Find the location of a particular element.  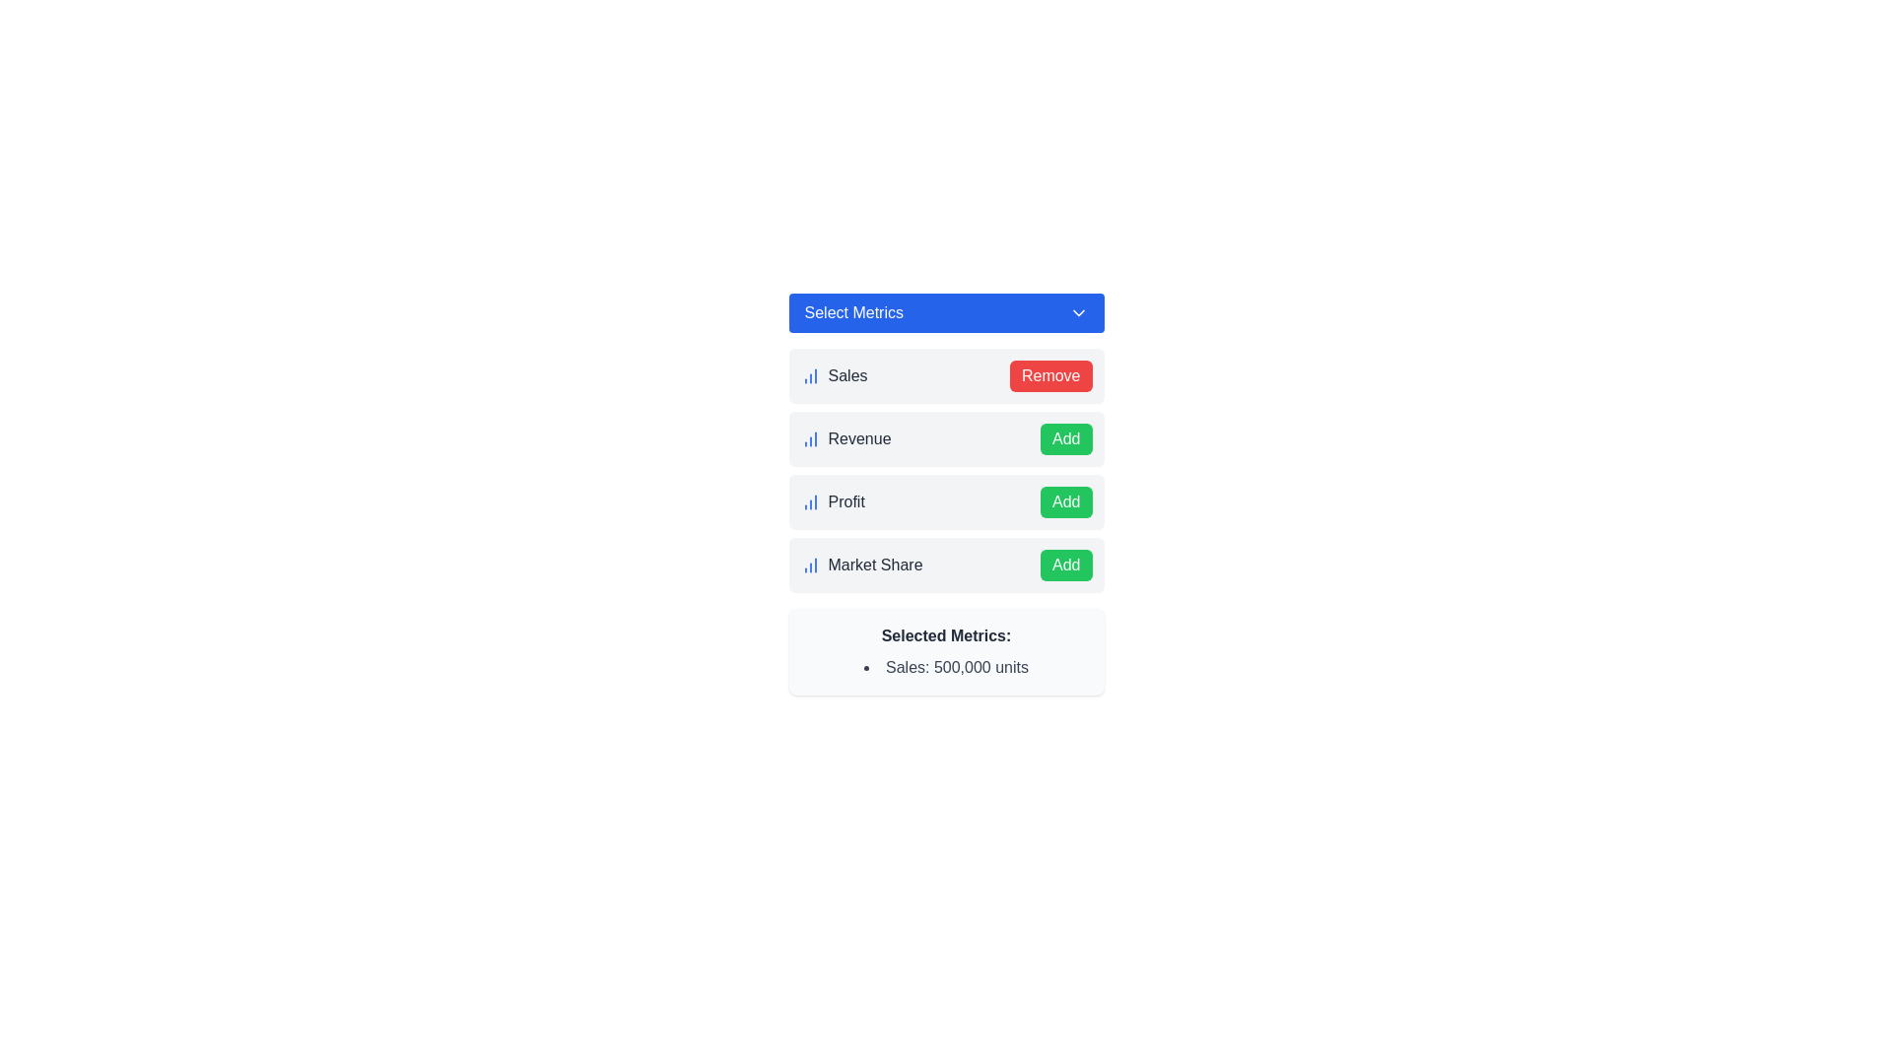

the 'Add' button associated with the 'Profit' list item in the metrics selection menu is located at coordinates (946, 489).